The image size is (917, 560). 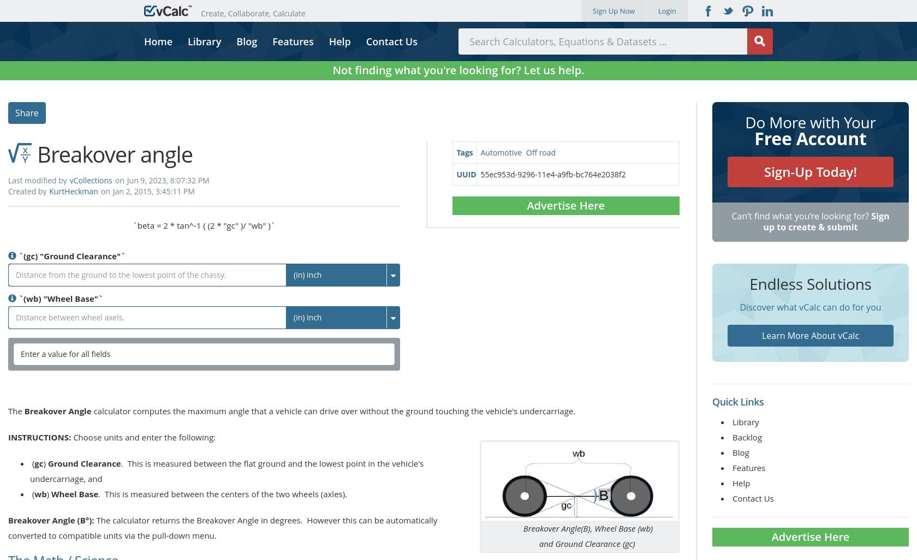 What do you see at coordinates (39, 462) in the screenshot?
I see `'gc'` at bounding box center [39, 462].